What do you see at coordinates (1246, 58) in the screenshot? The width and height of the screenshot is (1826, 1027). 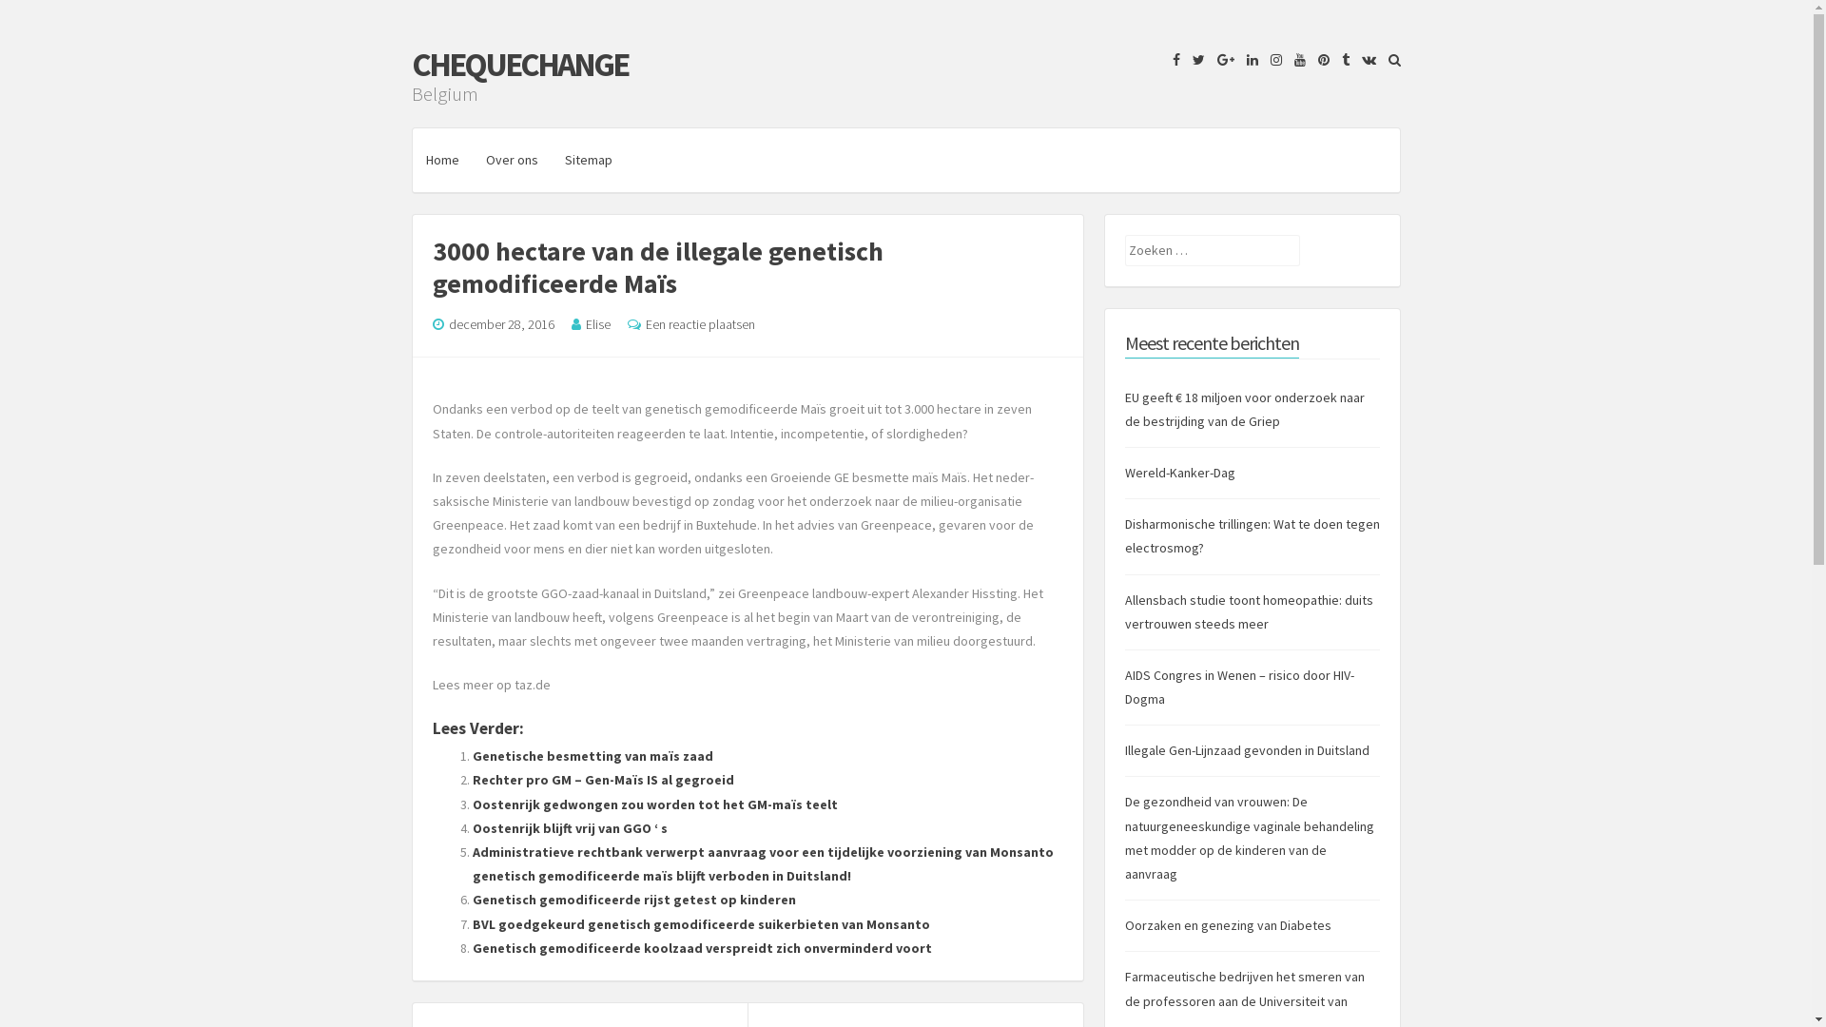 I see `'LinkedIn'` at bounding box center [1246, 58].